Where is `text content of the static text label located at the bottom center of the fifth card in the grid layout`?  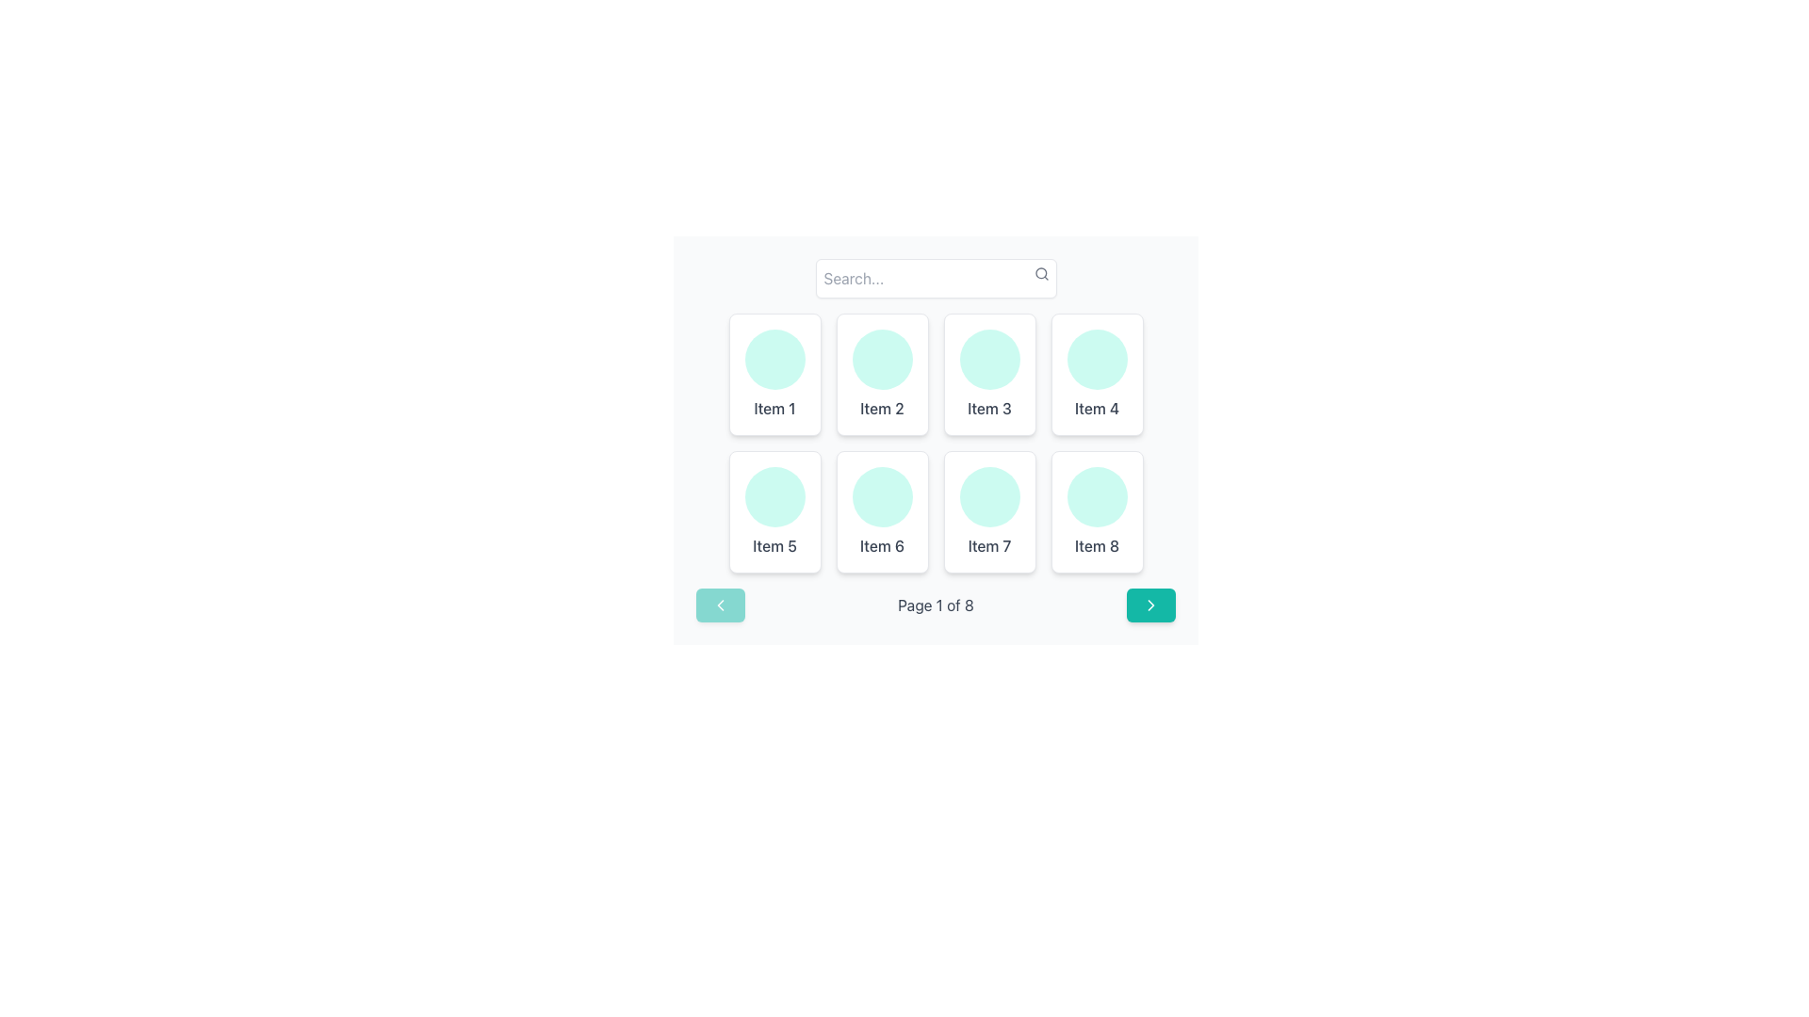 text content of the static text label located at the bottom center of the fifth card in the grid layout is located at coordinates (774, 545).